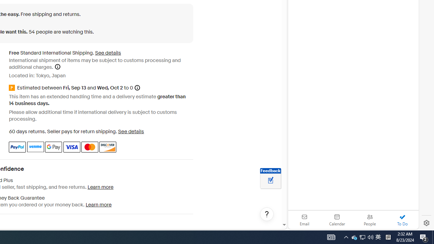 The width and height of the screenshot is (434, 244). Describe the element at coordinates (72, 146) in the screenshot. I see `'Visa'` at that location.